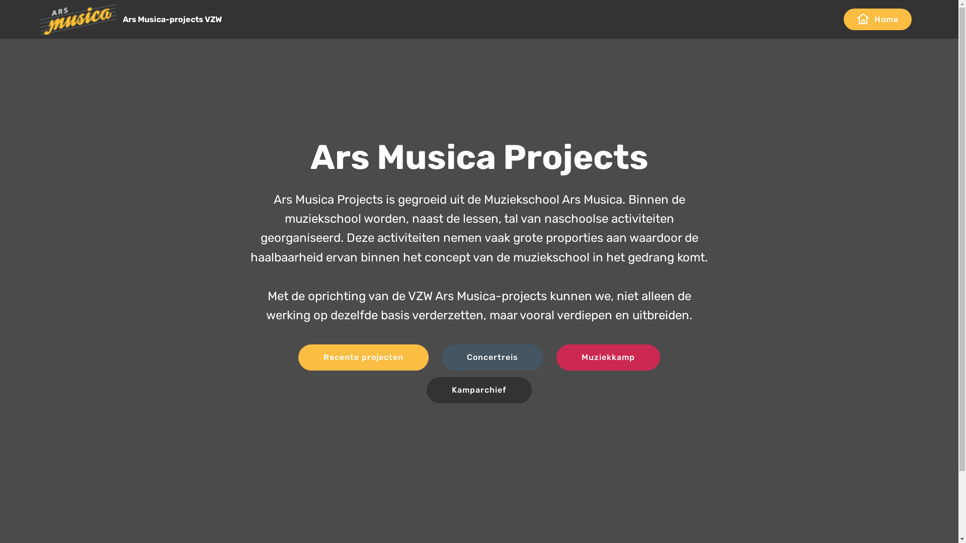 The width and height of the screenshot is (966, 543). What do you see at coordinates (478, 389) in the screenshot?
I see `'Kamparchief'` at bounding box center [478, 389].